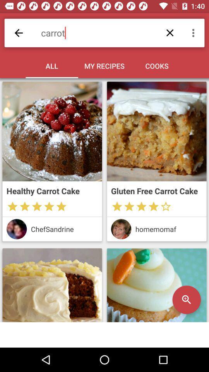  Describe the element at coordinates (64, 229) in the screenshot. I see `chefsandrine item` at that location.